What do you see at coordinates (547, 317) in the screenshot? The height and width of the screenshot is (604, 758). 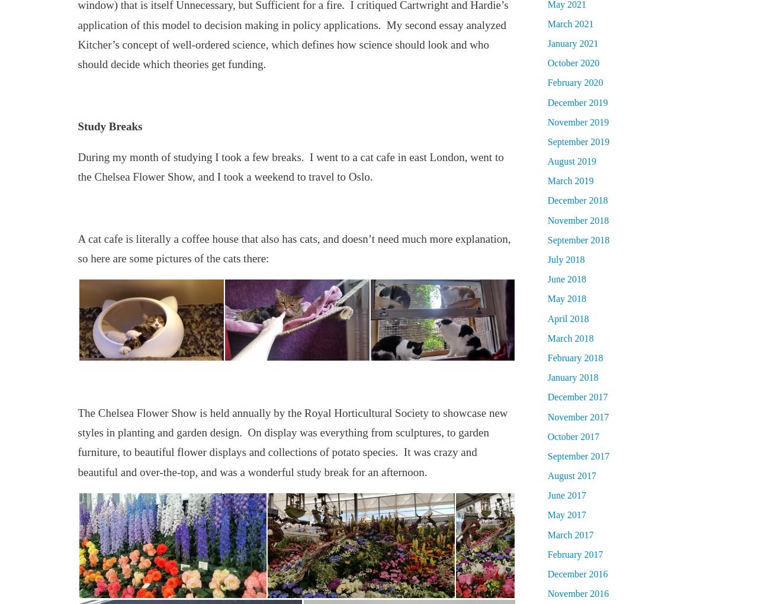 I see `'April 2018'` at bounding box center [547, 317].